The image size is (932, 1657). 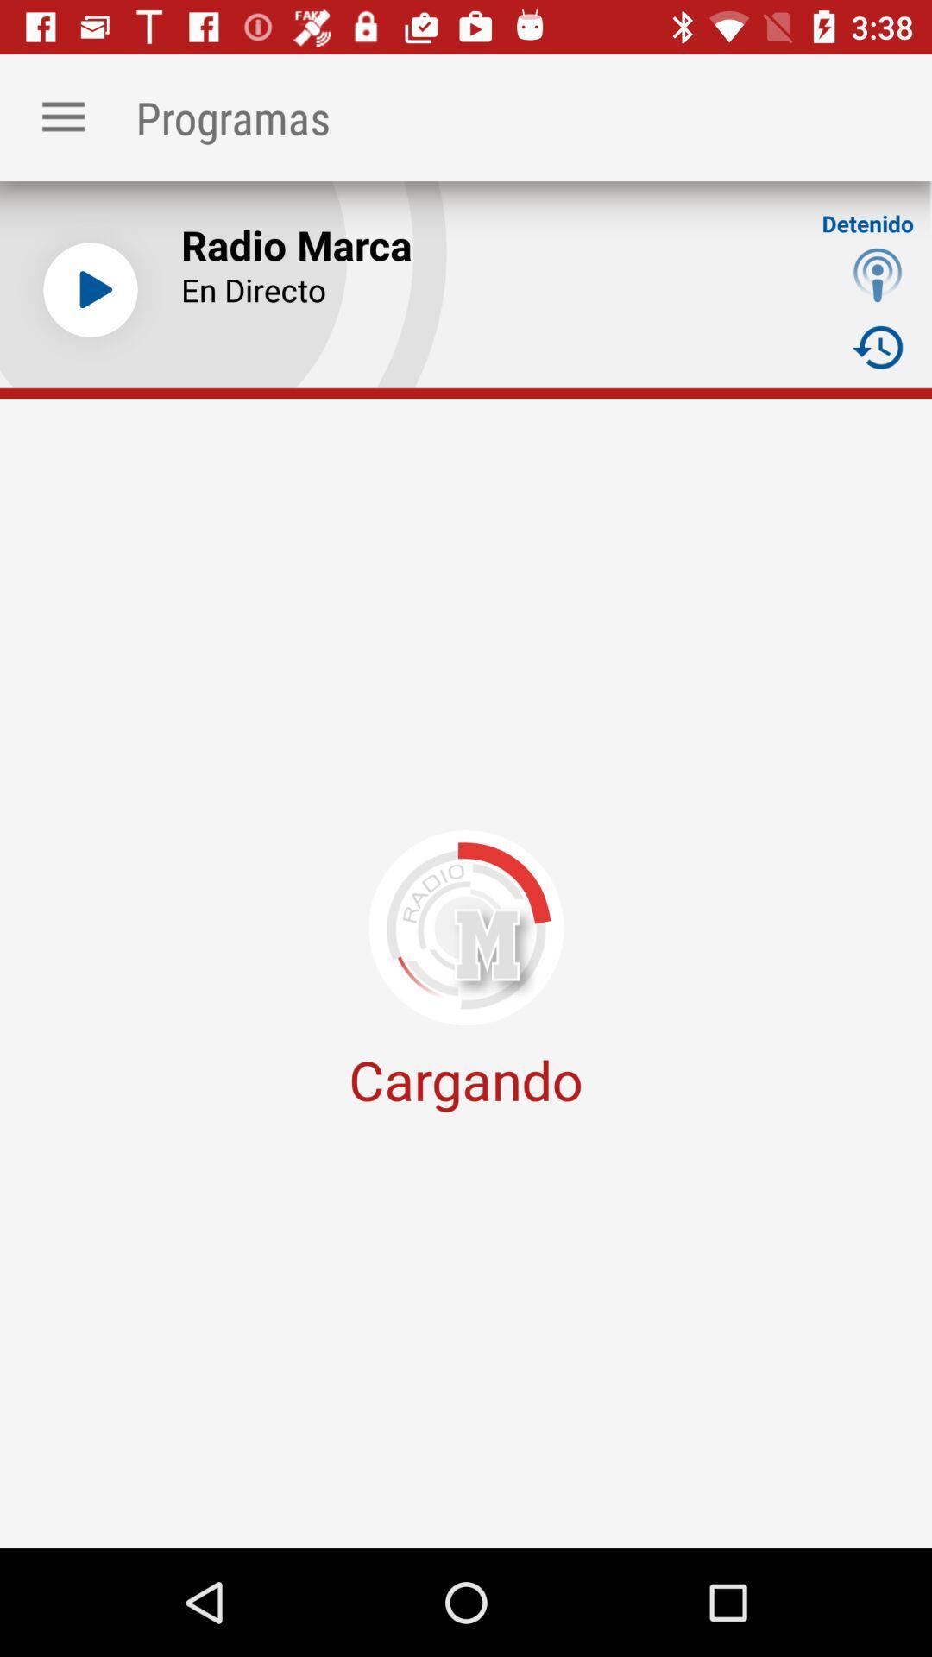 What do you see at coordinates (90, 290) in the screenshot?
I see `the icon next to the radio marca item` at bounding box center [90, 290].